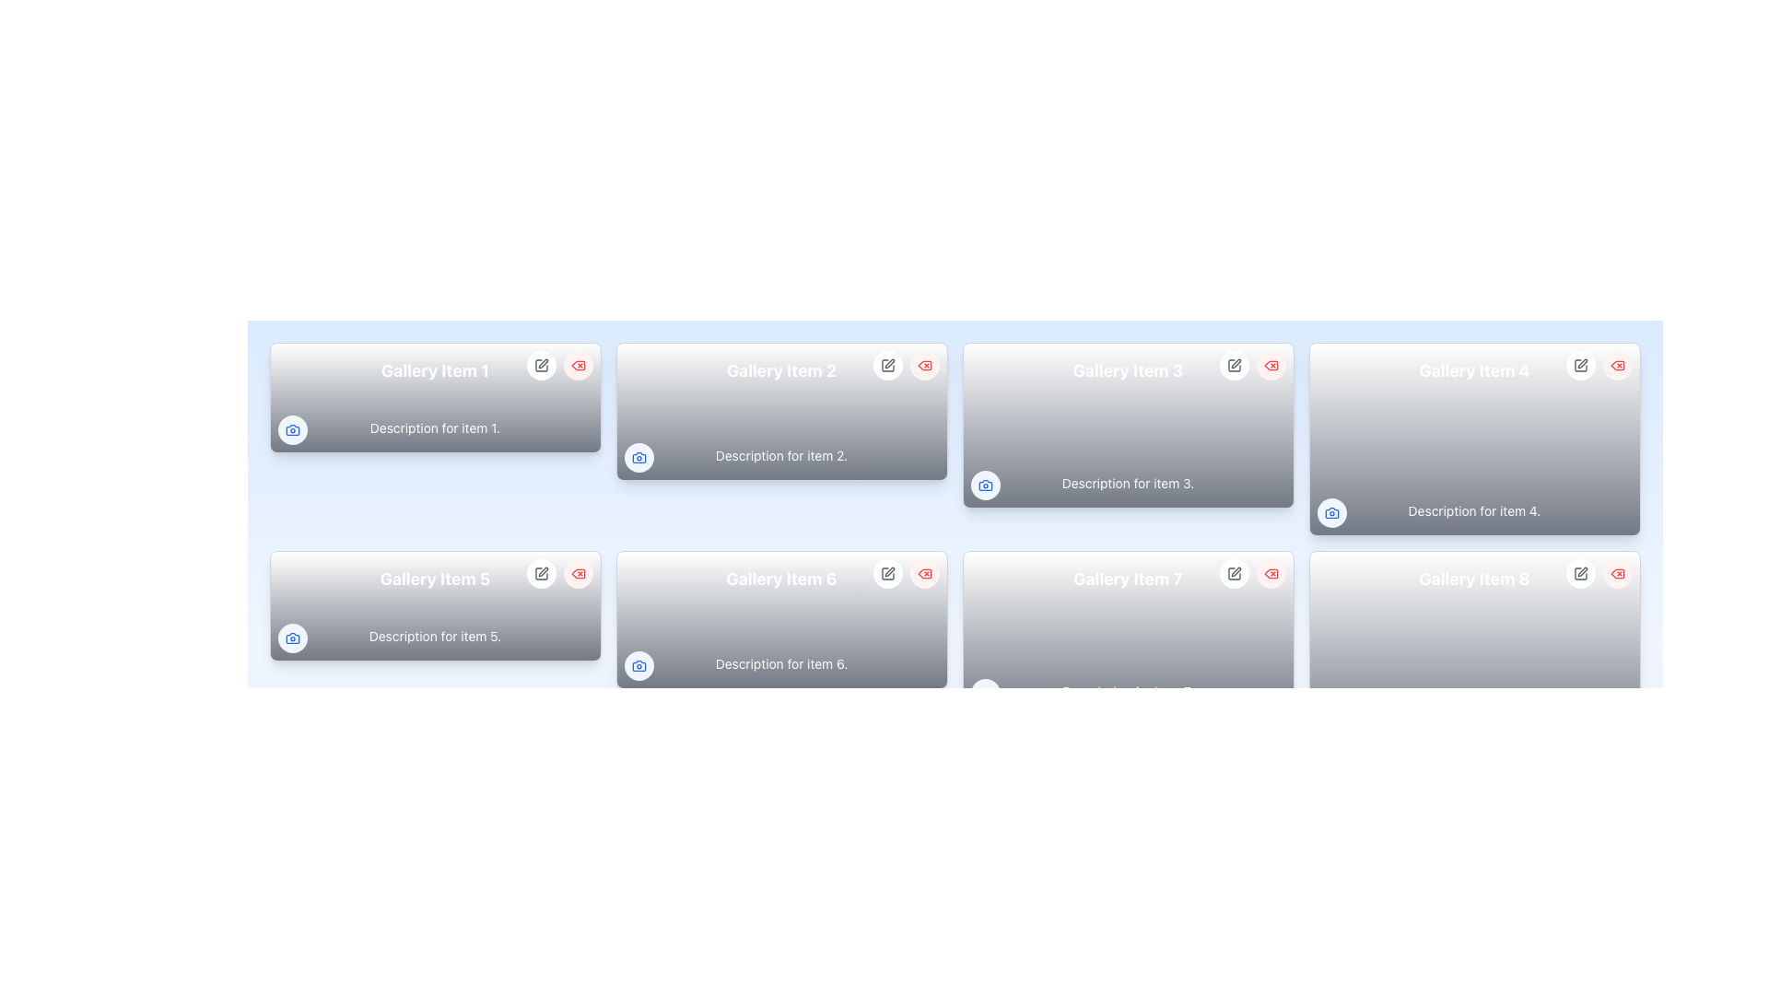 This screenshot has width=1769, height=995. What do you see at coordinates (984, 485) in the screenshot?
I see `the camera icon located in the lower-left corner of the 'Gallery Item 3' card` at bounding box center [984, 485].